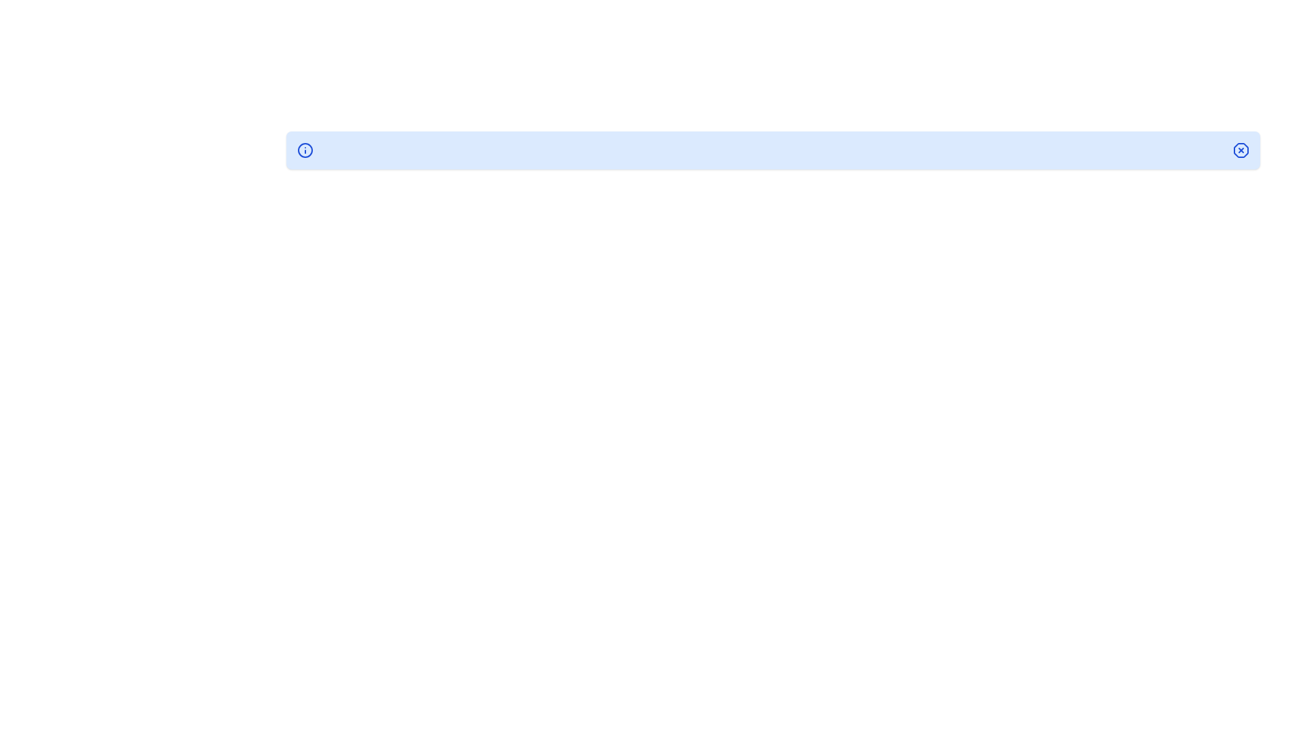 This screenshot has height=732, width=1303. What do you see at coordinates (1241, 150) in the screenshot?
I see `the small octagonal button with a blue border and an 'X' inside, located at the far right end of the blue notification bar` at bounding box center [1241, 150].